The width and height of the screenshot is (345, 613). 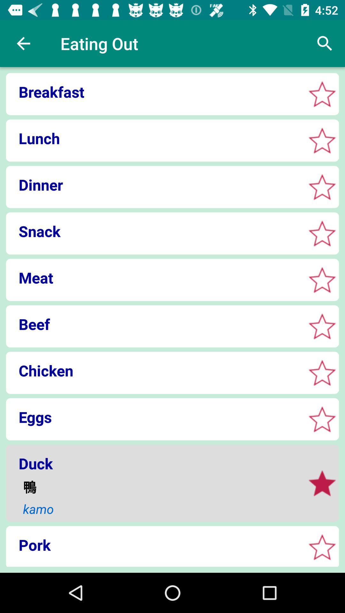 What do you see at coordinates (322, 547) in the screenshot?
I see `option to favorites` at bounding box center [322, 547].